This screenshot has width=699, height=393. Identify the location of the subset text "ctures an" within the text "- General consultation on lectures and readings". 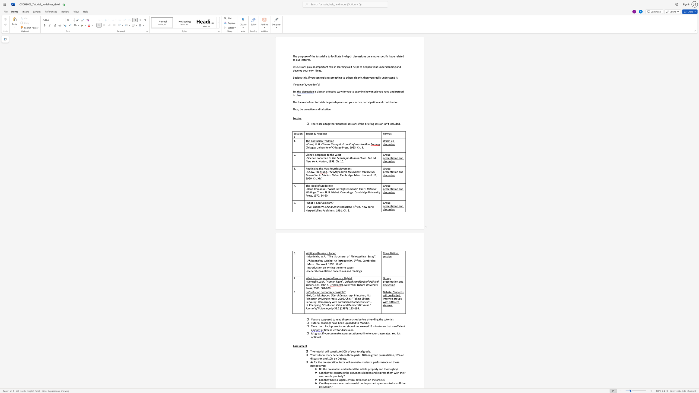
(338, 271).